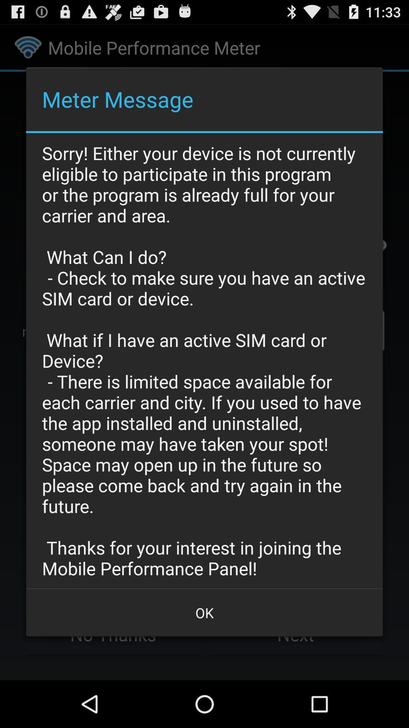 The height and width of the screenshot is (728, 409). Describe the element at coordinates (204, 613) in the screenshot. I see `ok button` at that location.